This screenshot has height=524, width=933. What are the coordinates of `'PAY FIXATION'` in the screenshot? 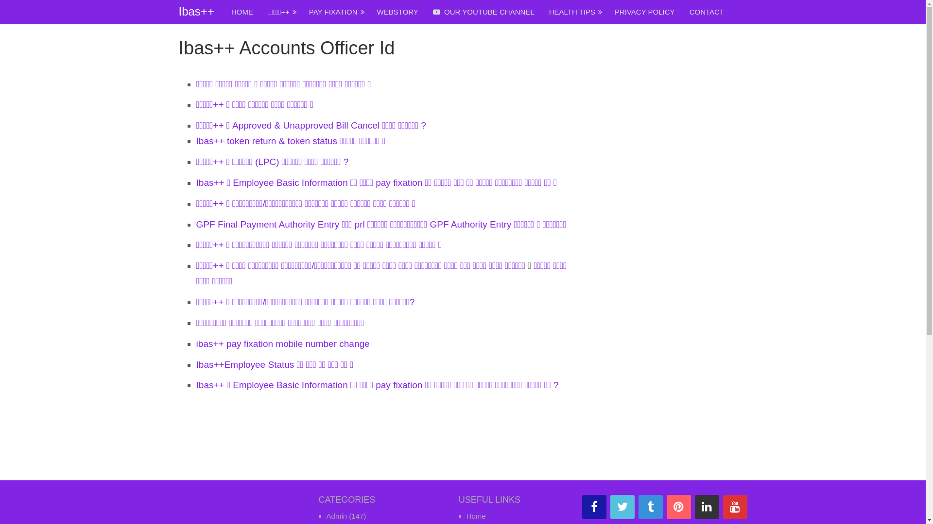 It's located at (336, 12).